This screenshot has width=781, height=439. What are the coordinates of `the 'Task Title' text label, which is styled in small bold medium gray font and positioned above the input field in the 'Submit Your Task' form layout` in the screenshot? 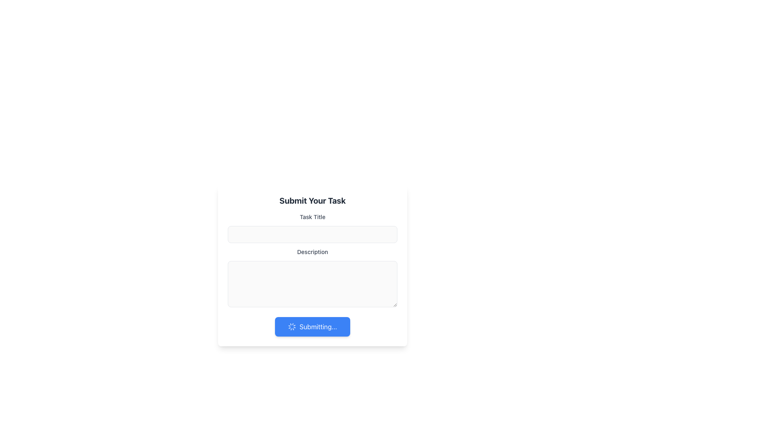 It's located at (312, 216).